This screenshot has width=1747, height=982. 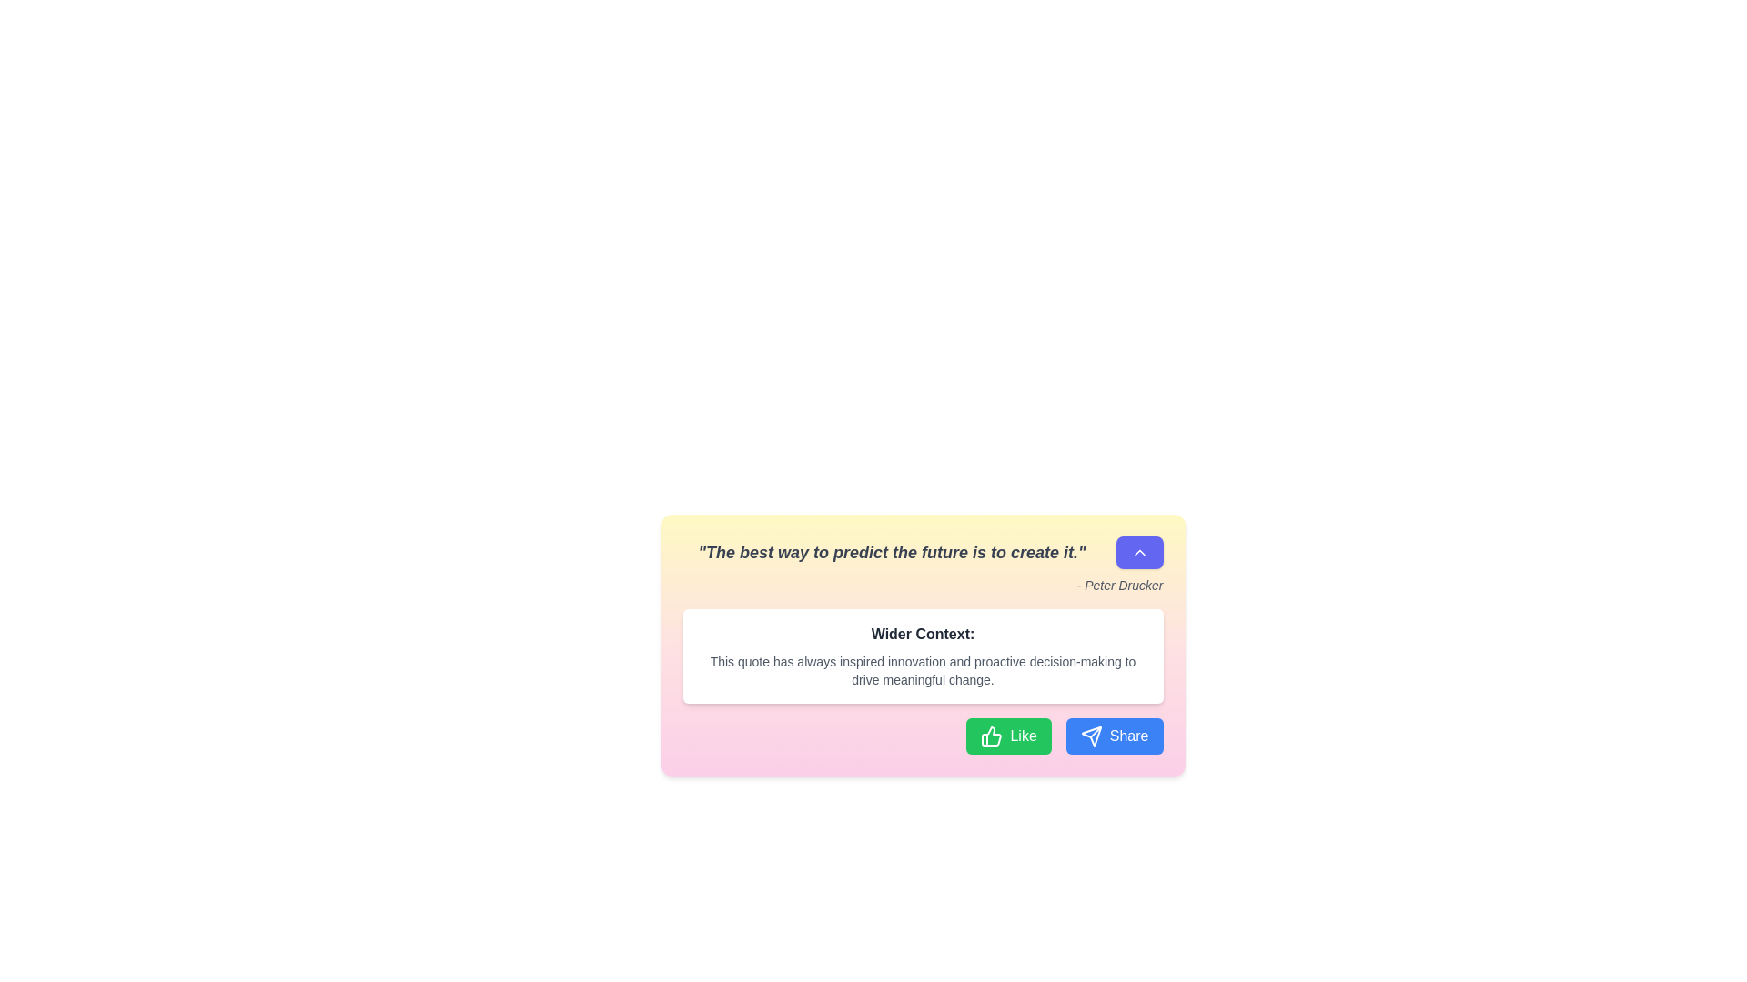 I want to click on the center of the chevron-up icon, which is a white outlined arrow on a blue circular button located at the top-right corner of the quote card, so click(x=1138, y=552).